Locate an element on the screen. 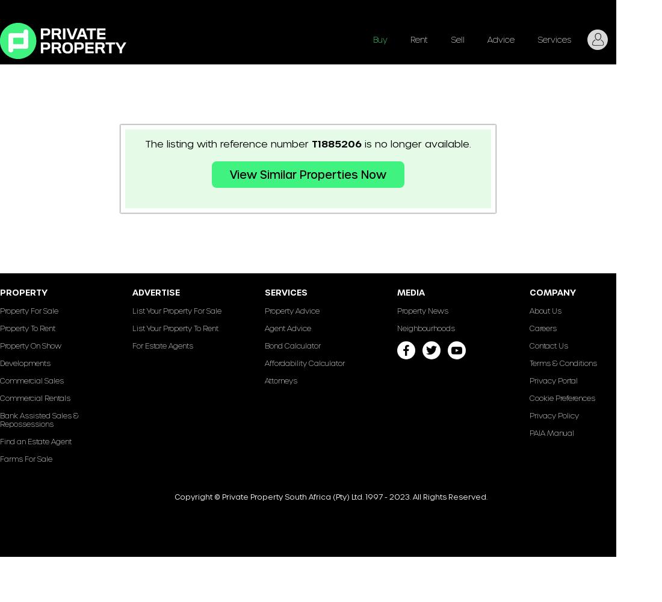 This screenshot has height=602, width=662. 'Contact Us' is located at coordinates (549, 345).